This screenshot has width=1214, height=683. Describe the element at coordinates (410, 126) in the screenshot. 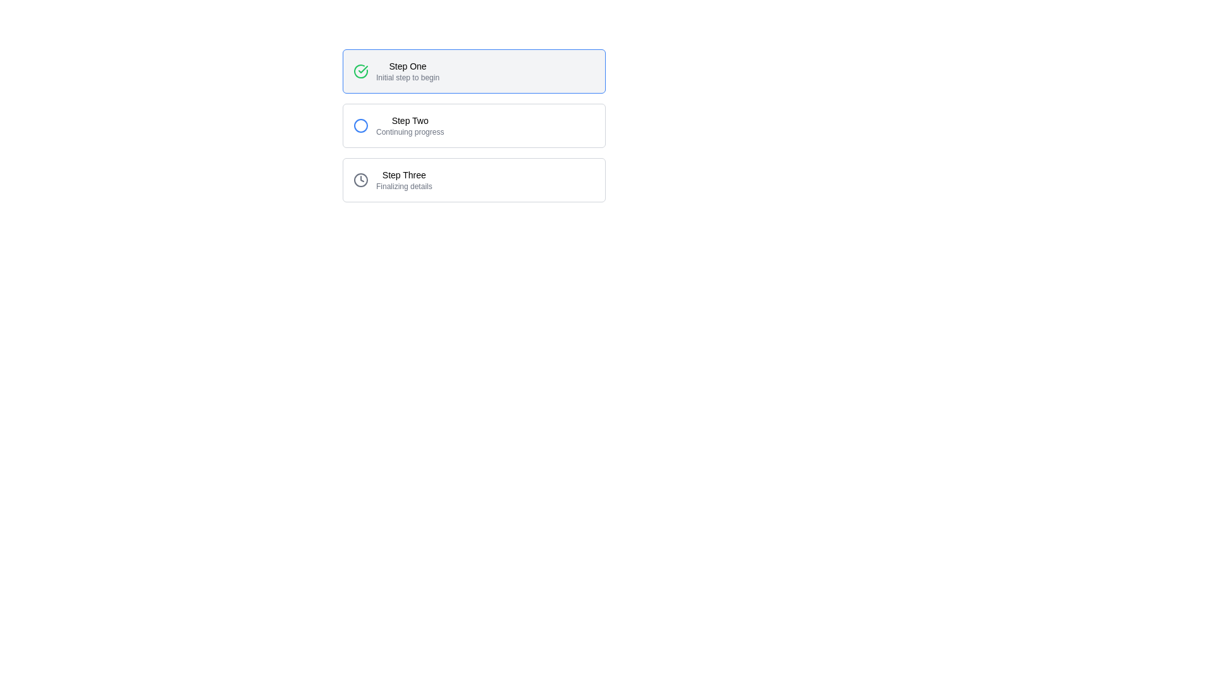

I see `the 'Step Two' text label pair, which consists of a larger bold 'Step Two' and a smaller gray 'Continuing progress'` at that location.